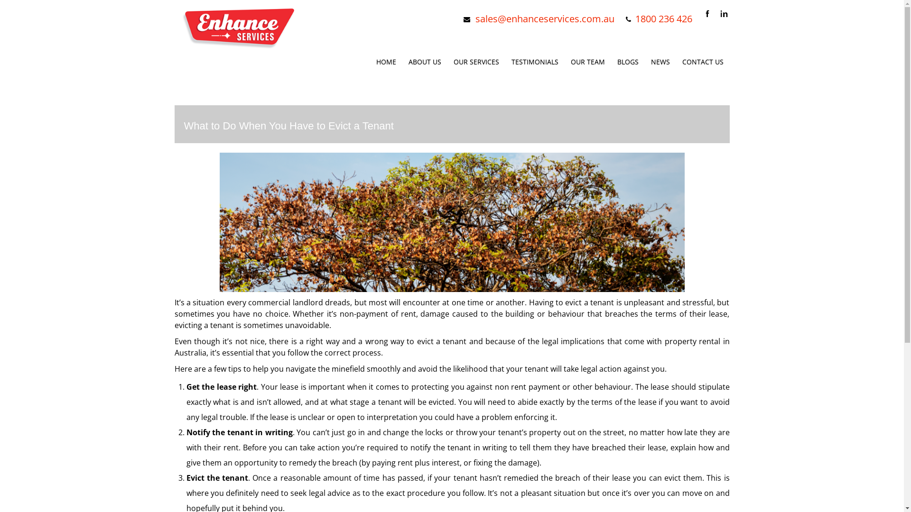 The image size is (911, 512). Describe the element at coordinates (386, 62) in the screenshot. I see `'HOME'` at that location.